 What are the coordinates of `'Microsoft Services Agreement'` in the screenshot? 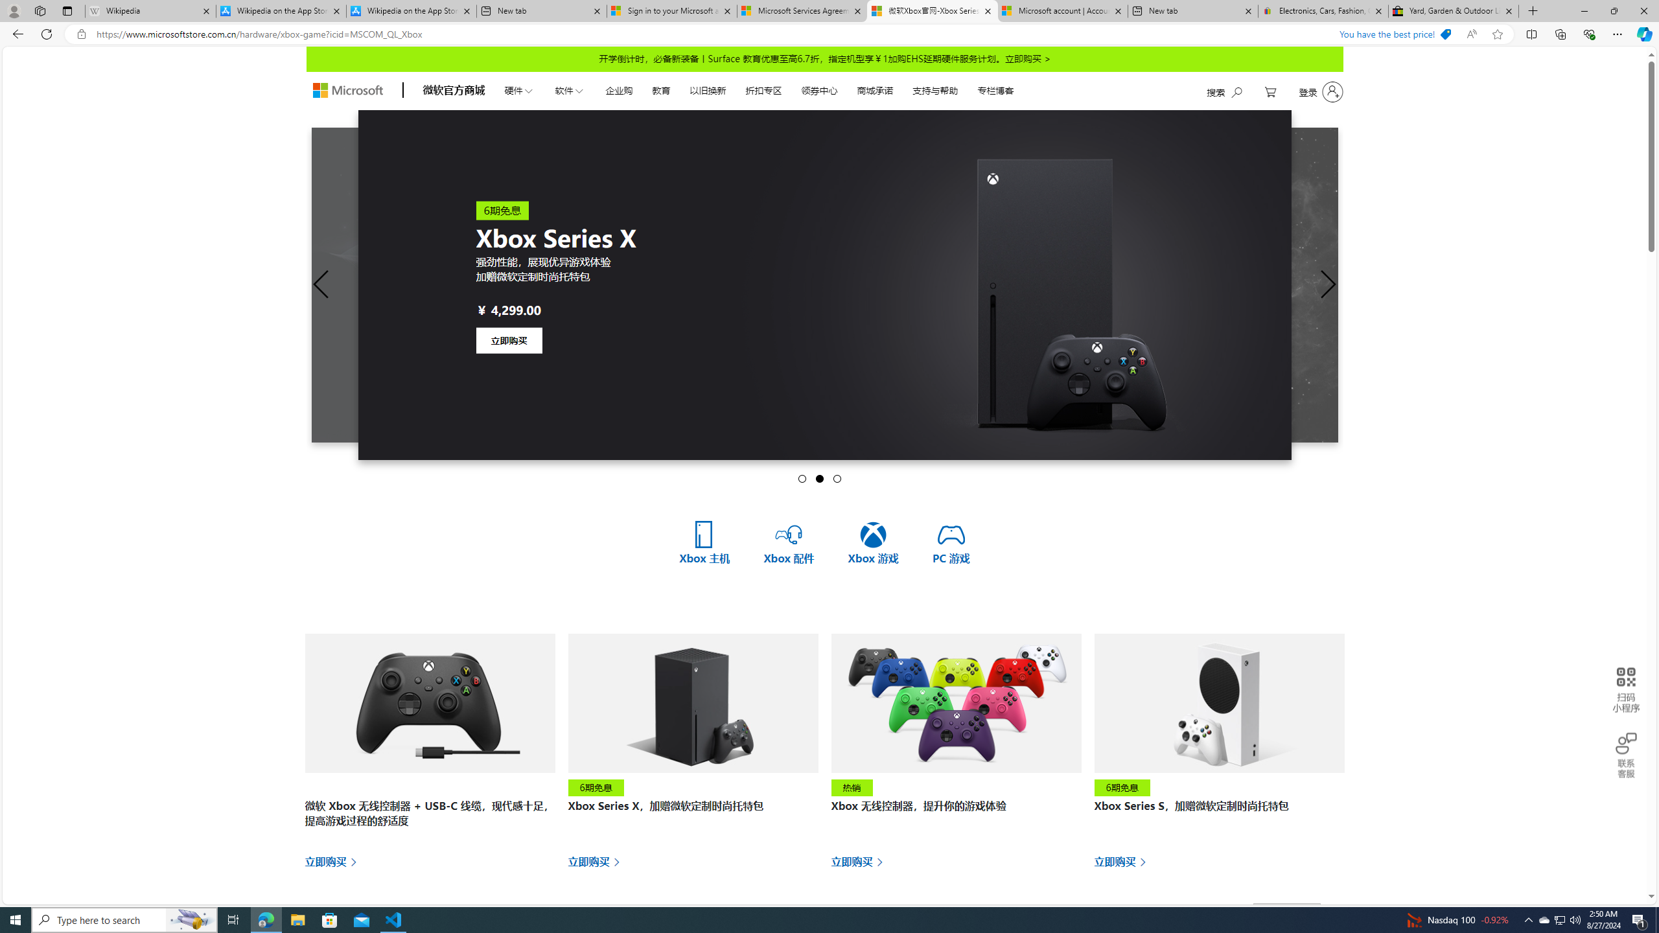 It's located at (801, 10).